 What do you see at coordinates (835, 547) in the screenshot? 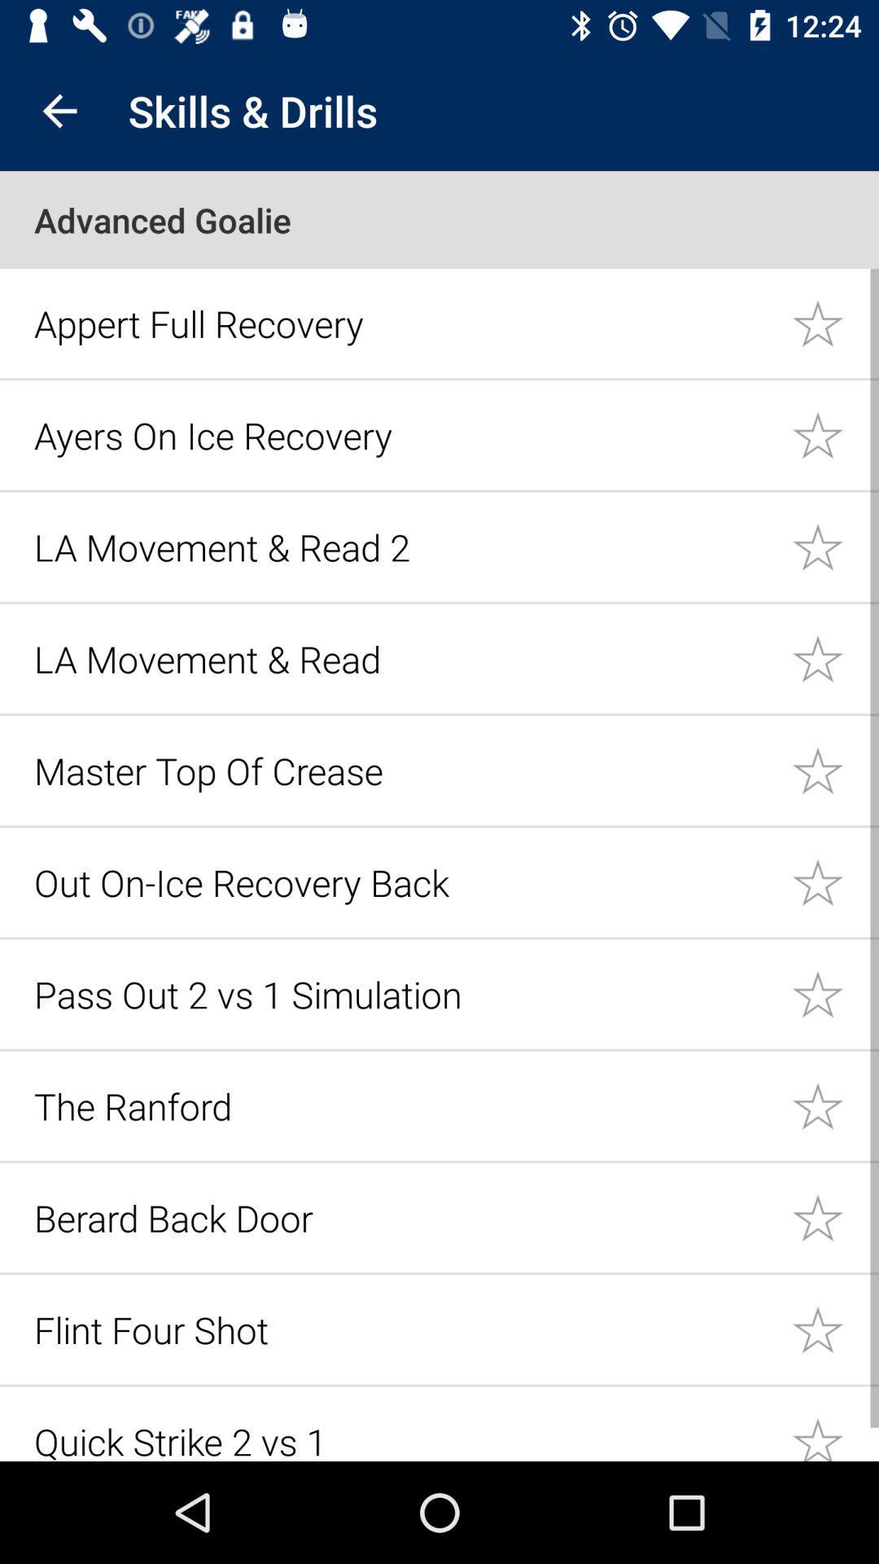
I see `the third star` at bounding box center [835, 547].